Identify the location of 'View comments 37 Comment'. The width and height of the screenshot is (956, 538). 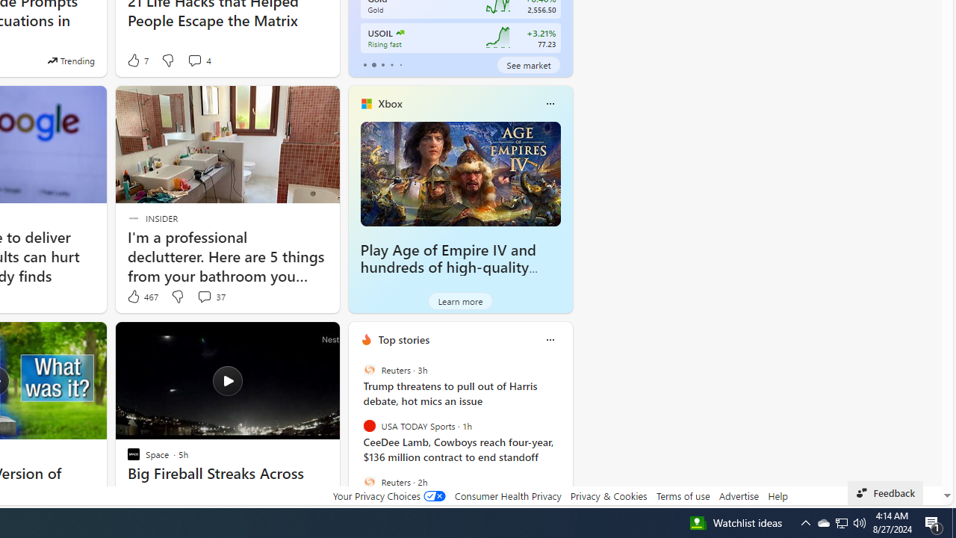
(203, 297).